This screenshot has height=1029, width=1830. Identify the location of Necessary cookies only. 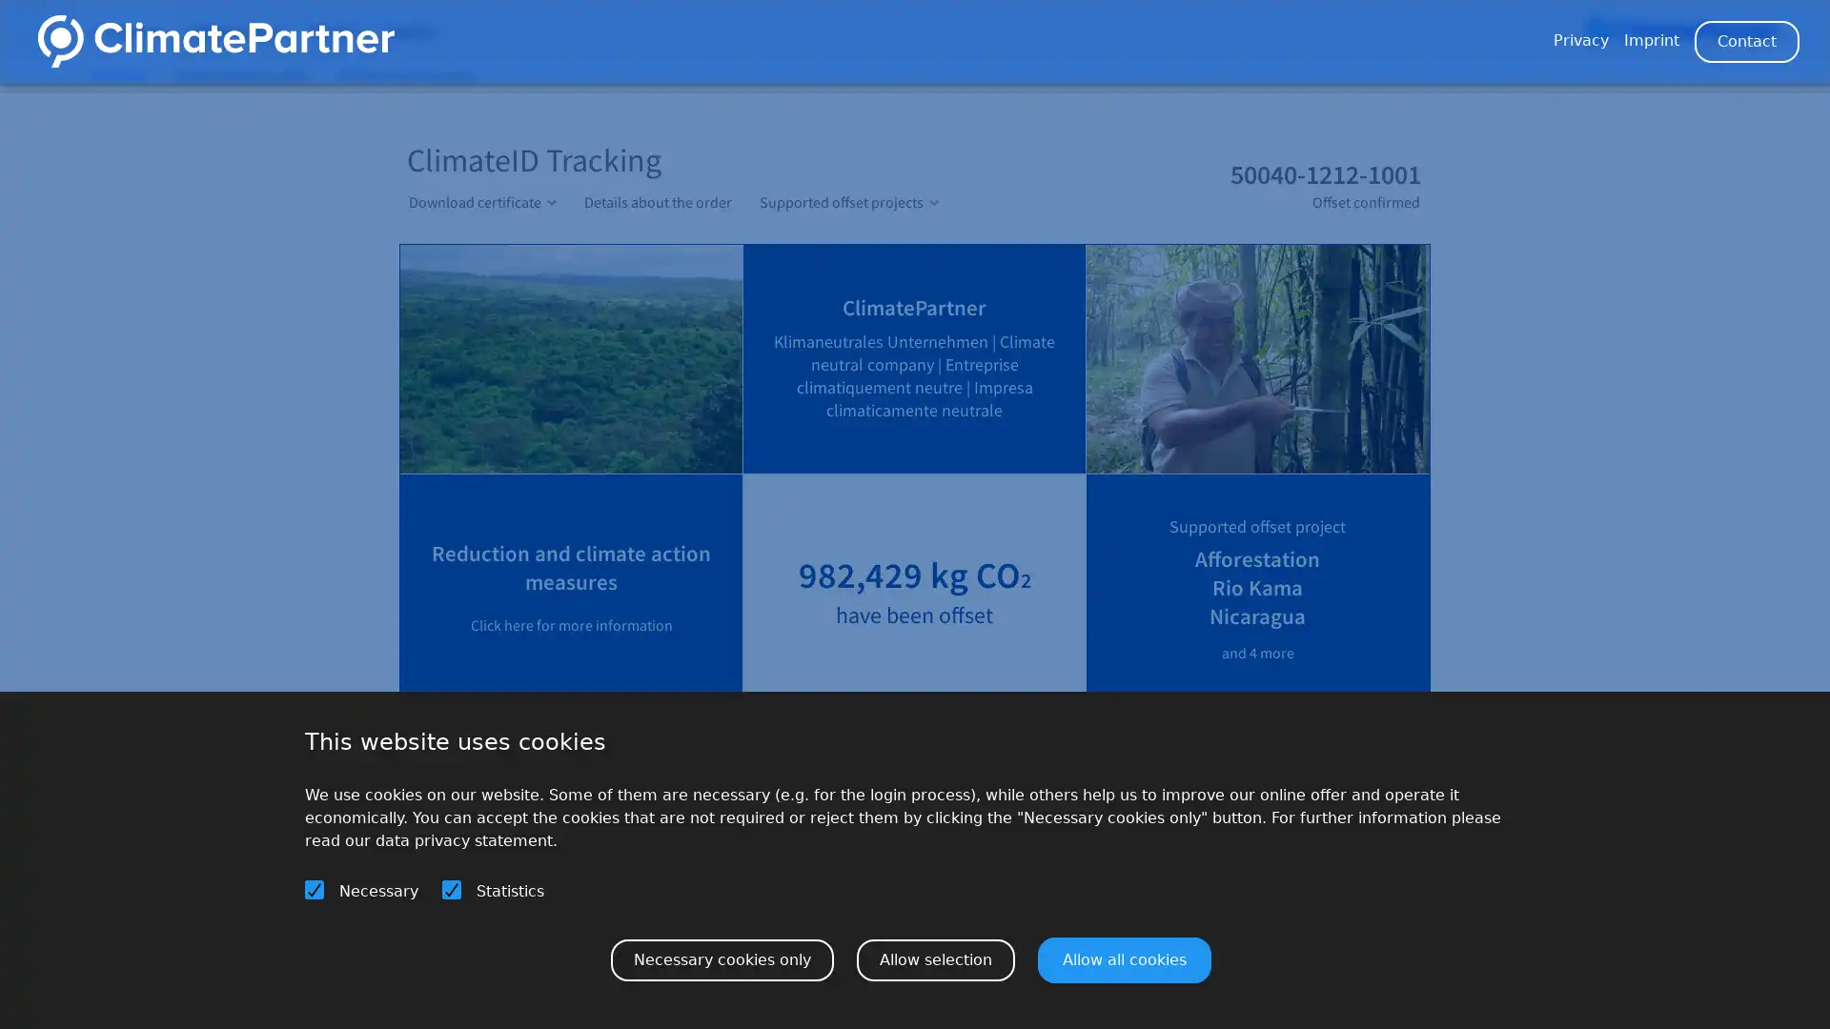
(722, 958).